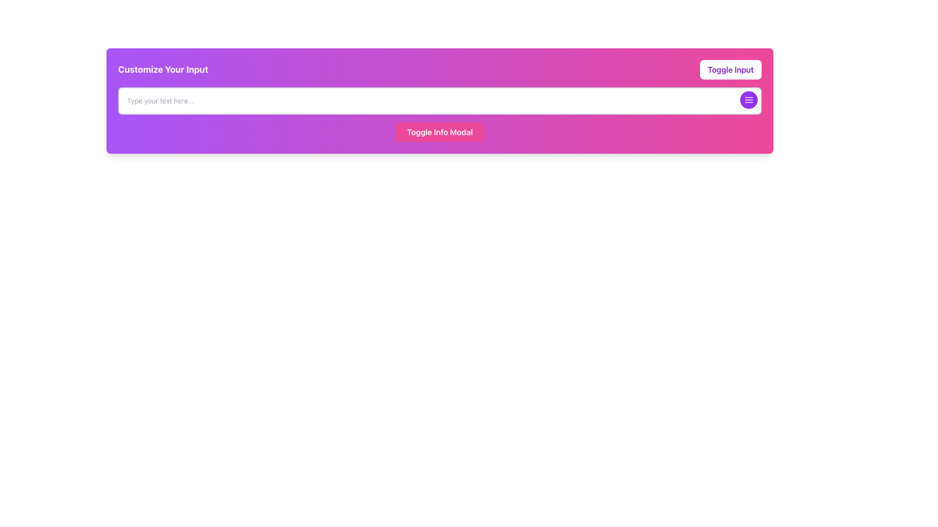  Describe the element at coordinates (748, 100) in the screenshot. I see `the Menu Toggle icon located in the top-right corner of the text input field by moving the cursor to its center` at that location.